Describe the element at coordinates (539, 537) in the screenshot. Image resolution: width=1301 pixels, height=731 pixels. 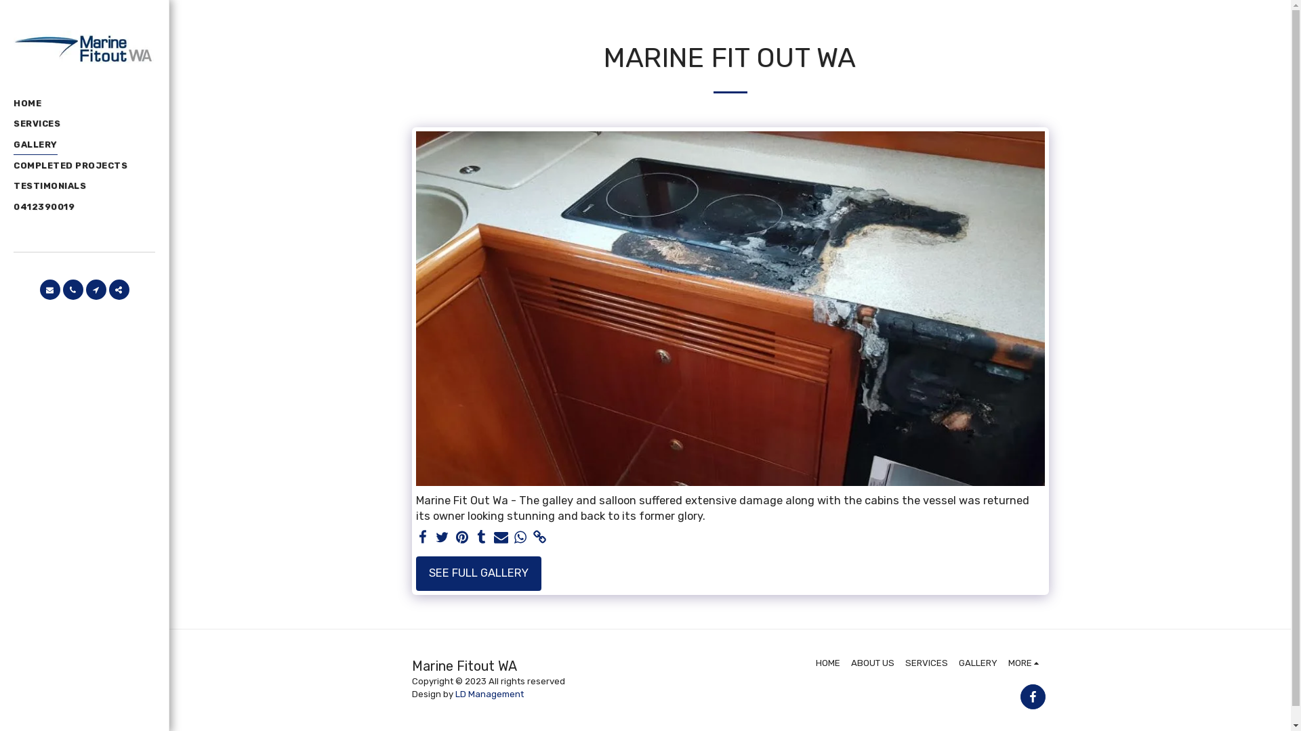
I see `'link'` at that location.